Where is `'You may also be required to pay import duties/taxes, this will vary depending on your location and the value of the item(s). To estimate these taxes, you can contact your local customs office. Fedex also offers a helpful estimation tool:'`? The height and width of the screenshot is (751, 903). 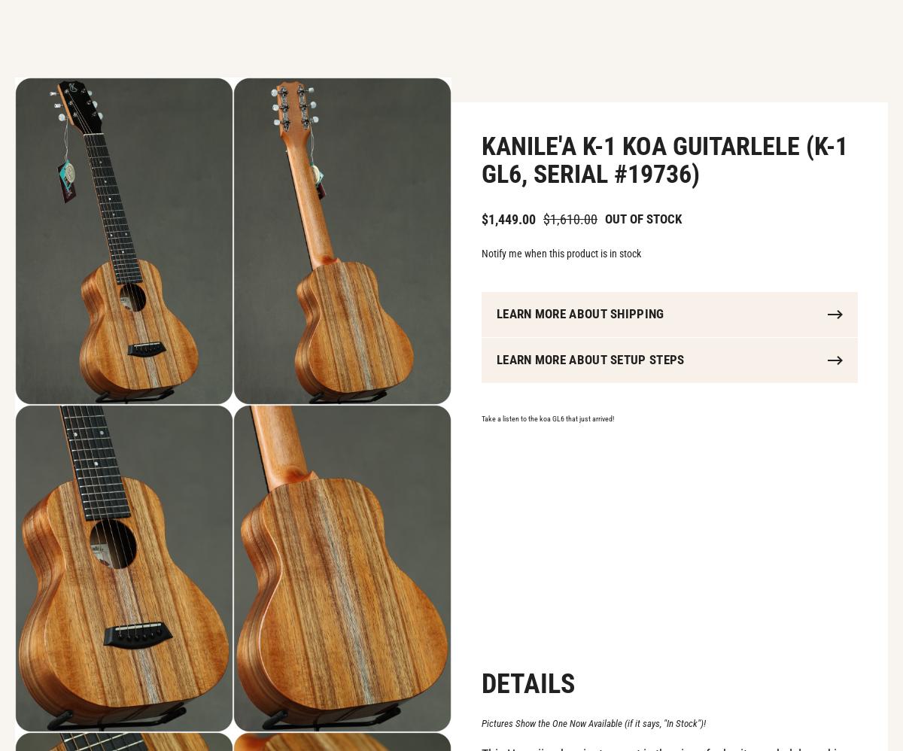 'You may also be required to pay import duties/taxes, this will vary depending on your location and the value of the item(s). To estimate these taxes, you can contact your local customs office. Fedex also offers a helpful estimation tool:' is located at coordinates (236, 429).